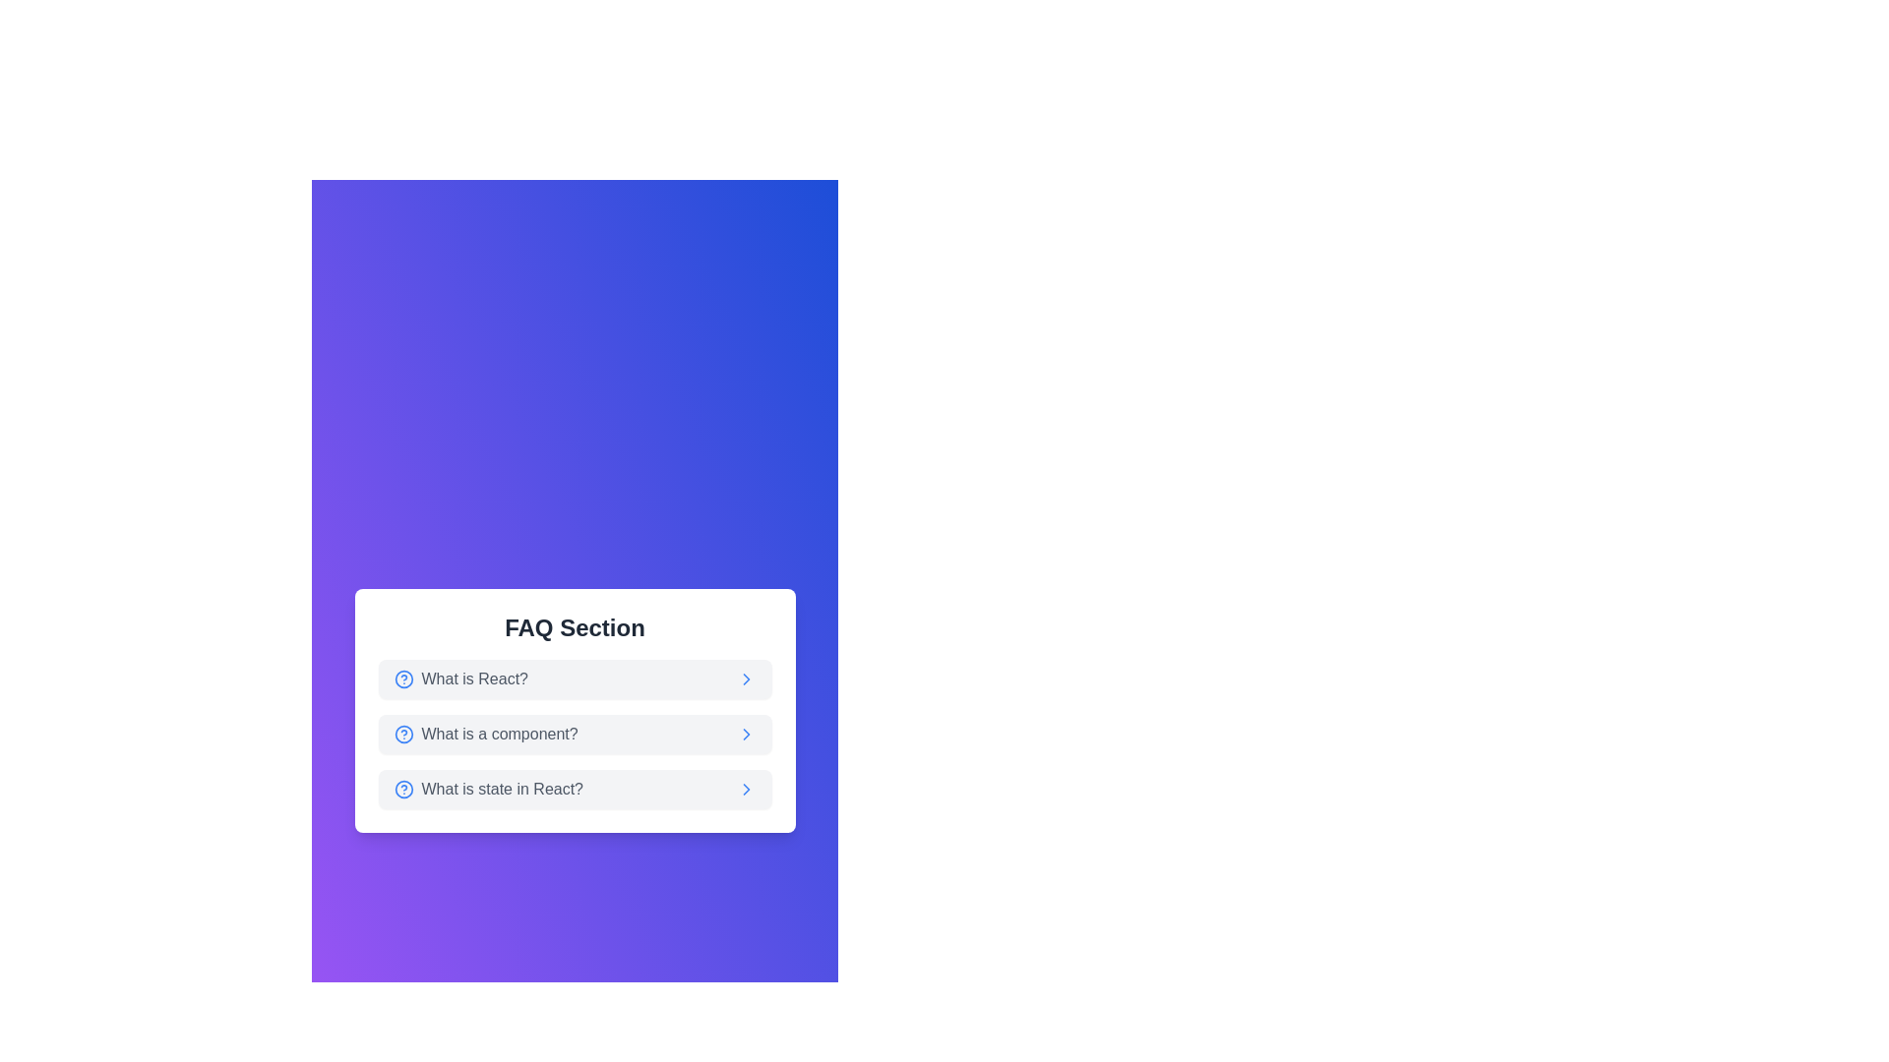 Image resolution: width=1889 pixels, height=1062 pixels. Describe the element at coordinates (402, 678) in the screenshot. I see `the circular help icon with a question mark located to the left of the text 'What is React?'` at that location.